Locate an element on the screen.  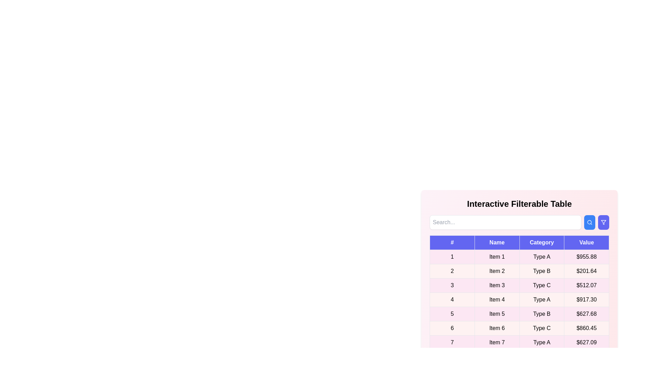
the filter button to apply the filter is located at coordinates (603, 222).